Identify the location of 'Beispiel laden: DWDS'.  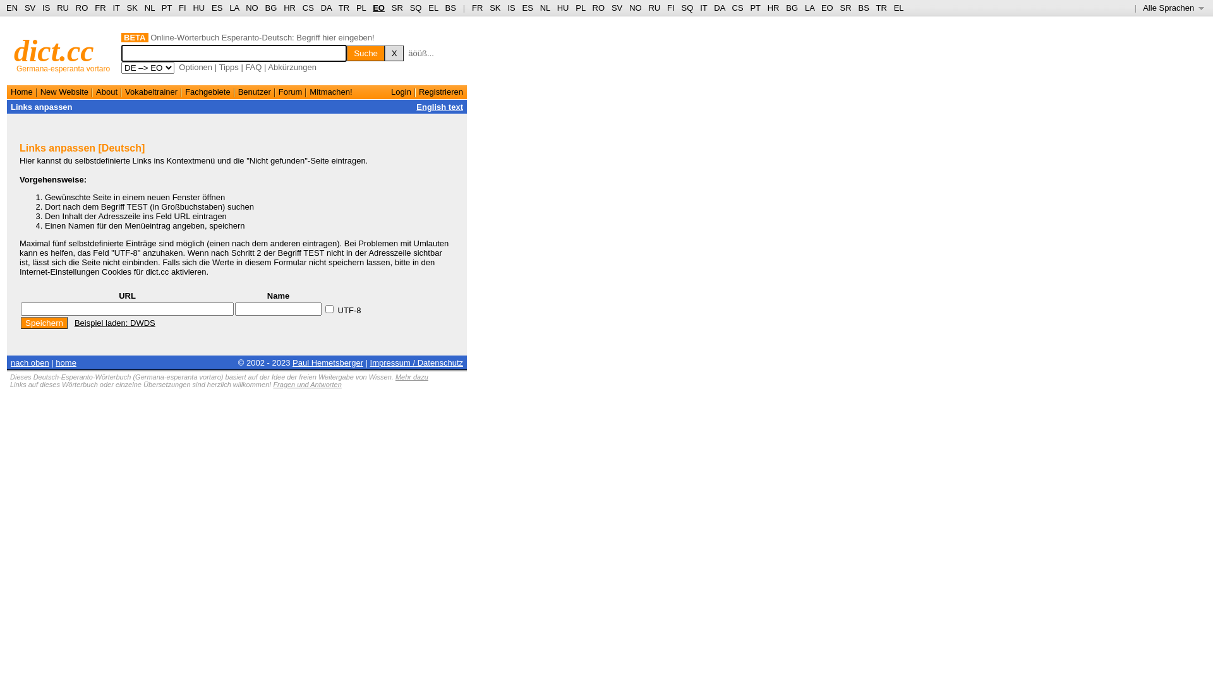
(74, 322).